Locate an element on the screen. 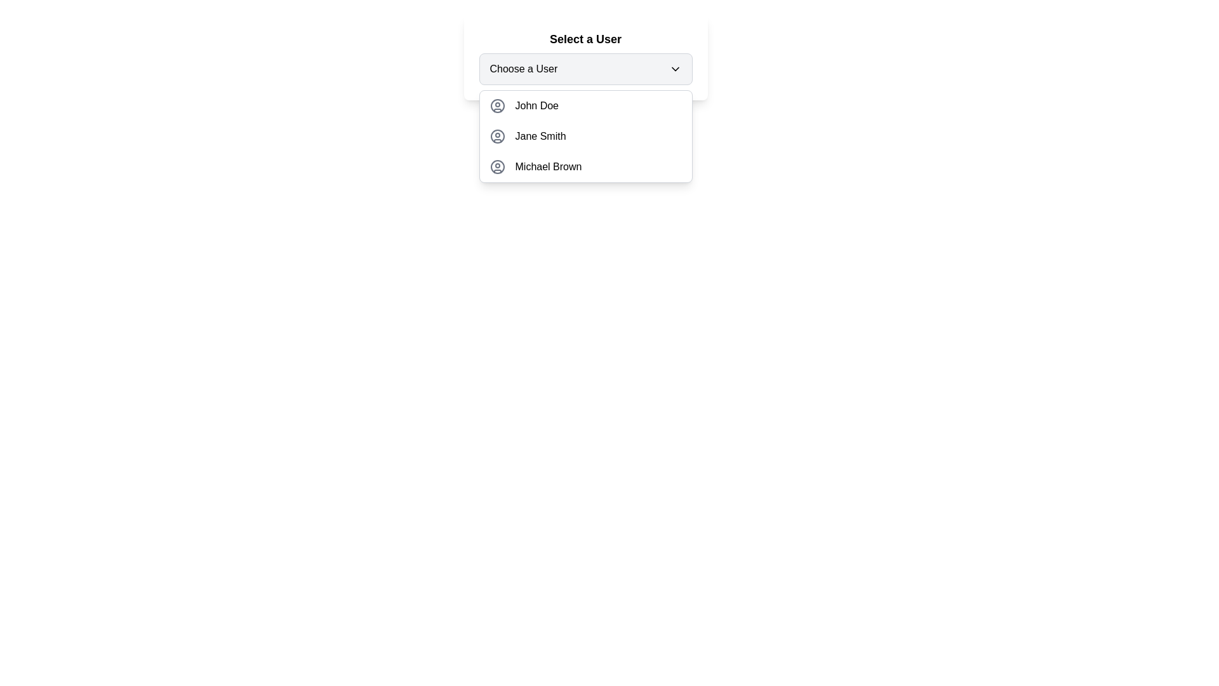 The height and width of the screenshot is (686, 1219). the user profile icon representing 'Michael Brown' in the dropdown menu, which is aligned to the left of the text 'Michael Brown' is located at coordinates (496, 166).